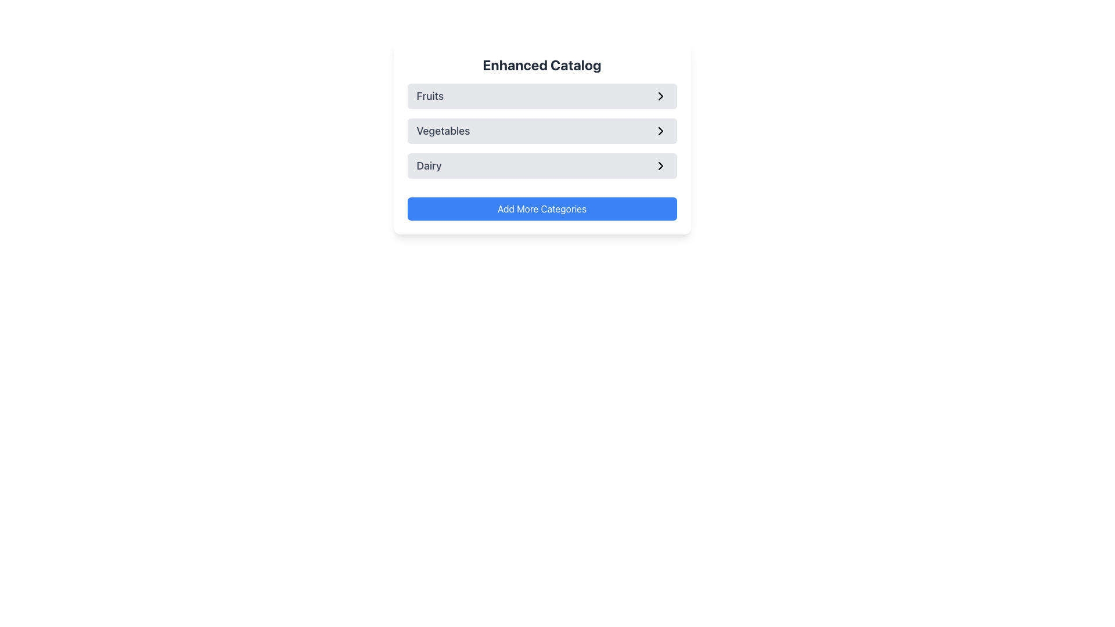  Describe the element at coordinates (541, 131) in the screenshot. I see `the category guide button for 'Vegetables' located as the second item under 'Enhanced Catalog'` at that location.